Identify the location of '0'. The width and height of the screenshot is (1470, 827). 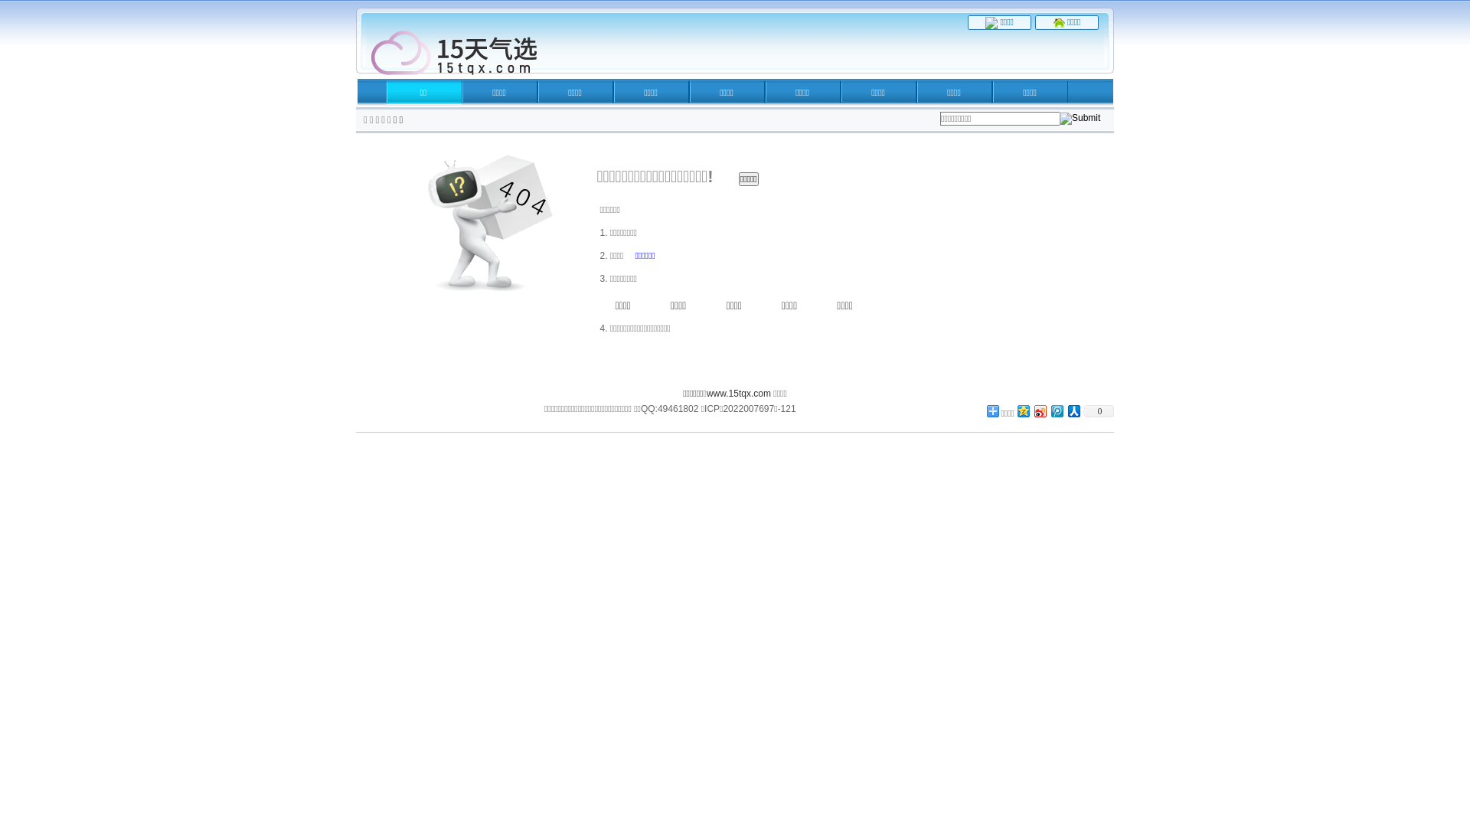
(1097, 410).